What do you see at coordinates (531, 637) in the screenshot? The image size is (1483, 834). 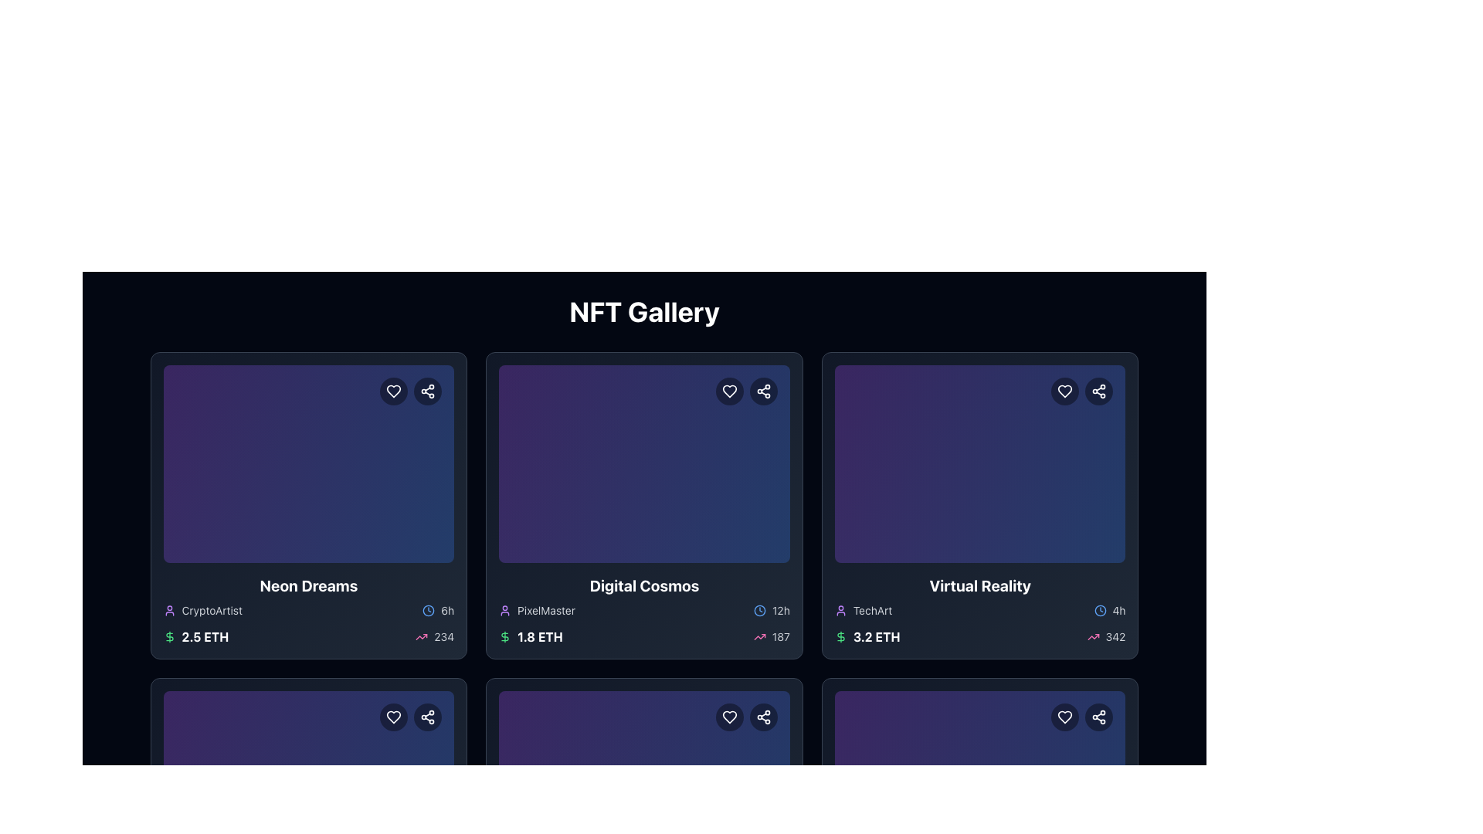 I see `the text label displaying '1.8 ETH' with a green dollar icon, located in the second card from the left in the top row, below 'PixelMaster'` at bounding box center [531, 637].